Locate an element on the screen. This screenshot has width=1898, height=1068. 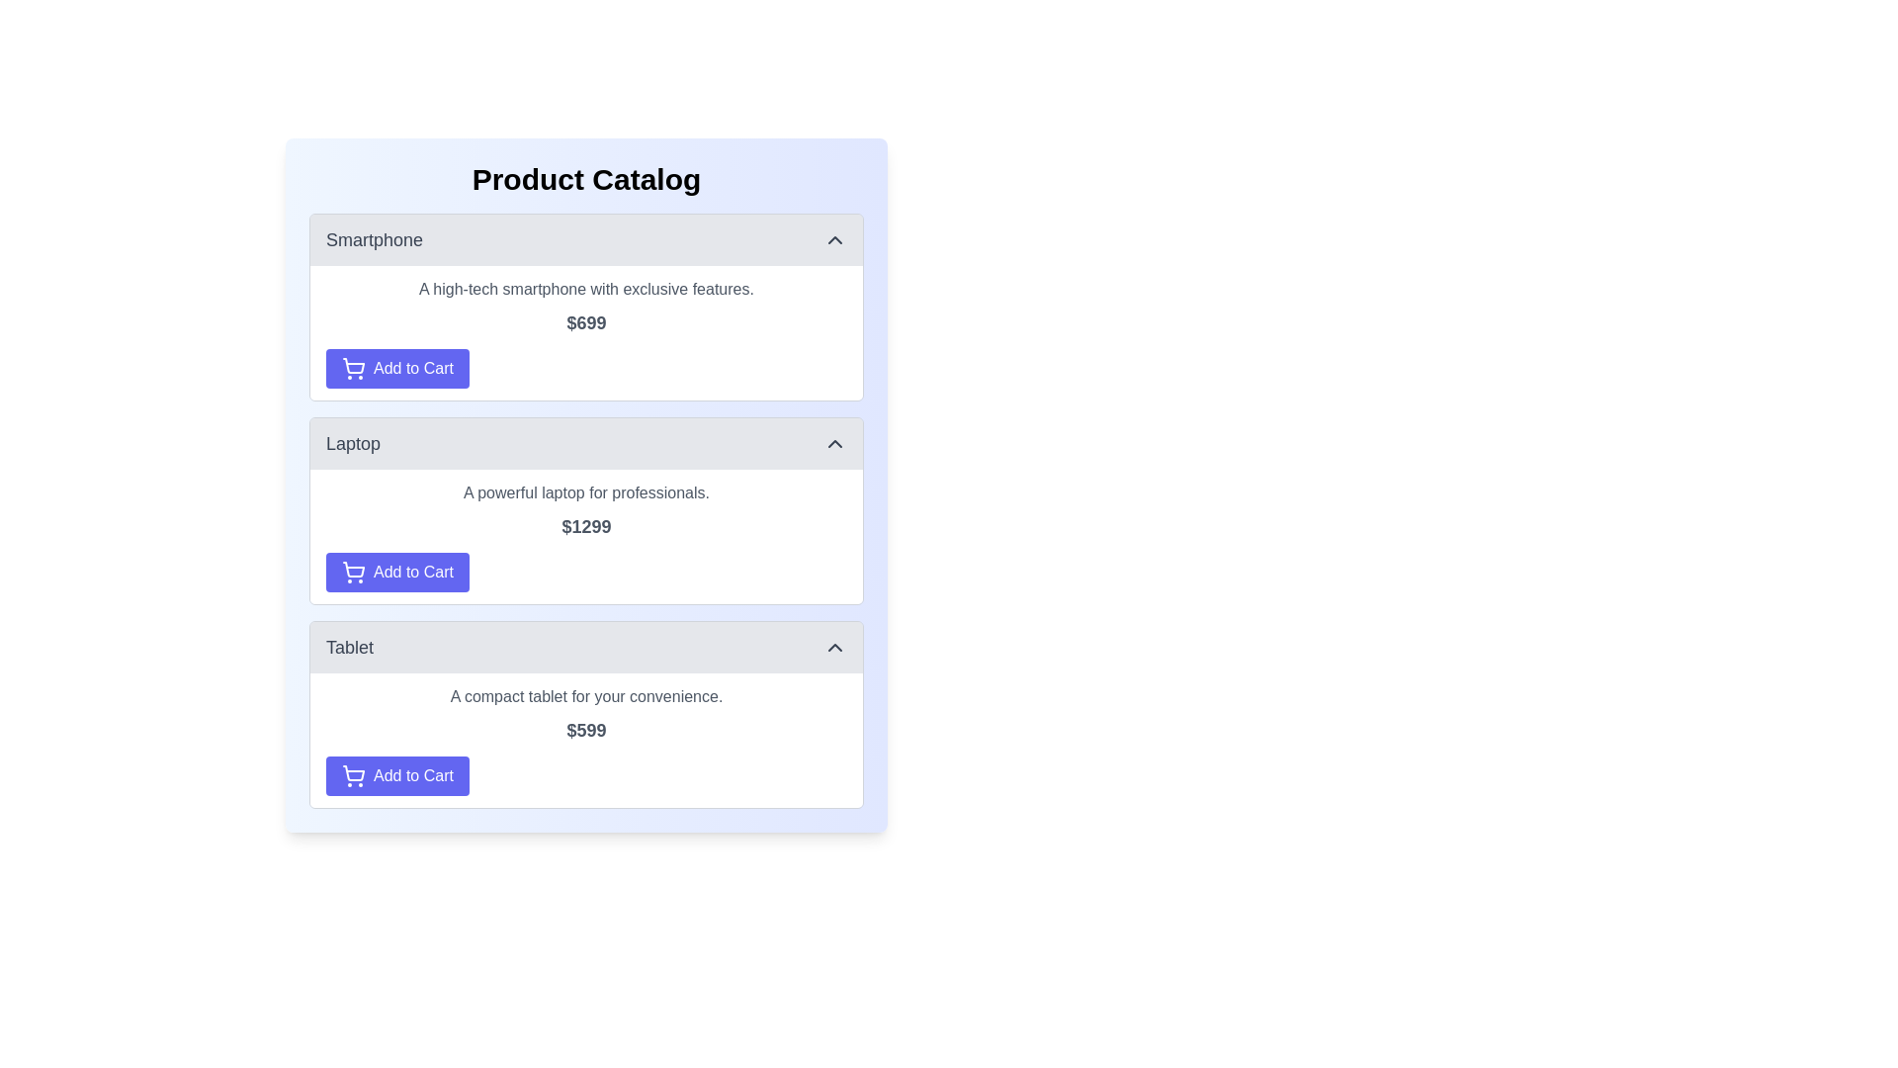
the 'Add Tablet to Cart' button located underneath the price text '$599' in the Tablet product section is located at coordinates (396, 775).